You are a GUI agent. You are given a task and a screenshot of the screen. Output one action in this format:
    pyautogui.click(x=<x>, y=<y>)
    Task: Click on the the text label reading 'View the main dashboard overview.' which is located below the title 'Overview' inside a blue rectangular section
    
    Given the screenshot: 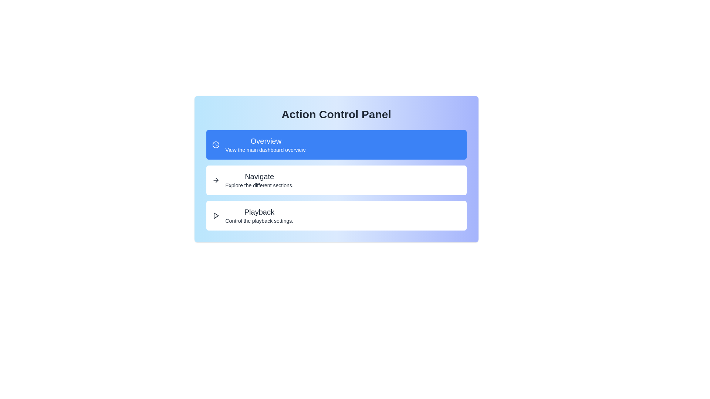 What is the action you would take?
    pyautogui.click(x=266, y=150)
    